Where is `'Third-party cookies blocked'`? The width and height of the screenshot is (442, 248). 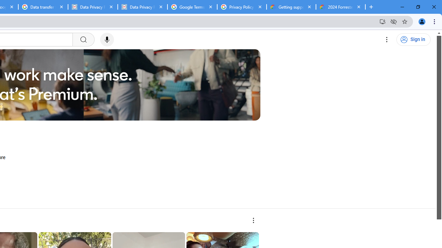
'Third-party cookies blocked' is located at coordinates (393, 21).